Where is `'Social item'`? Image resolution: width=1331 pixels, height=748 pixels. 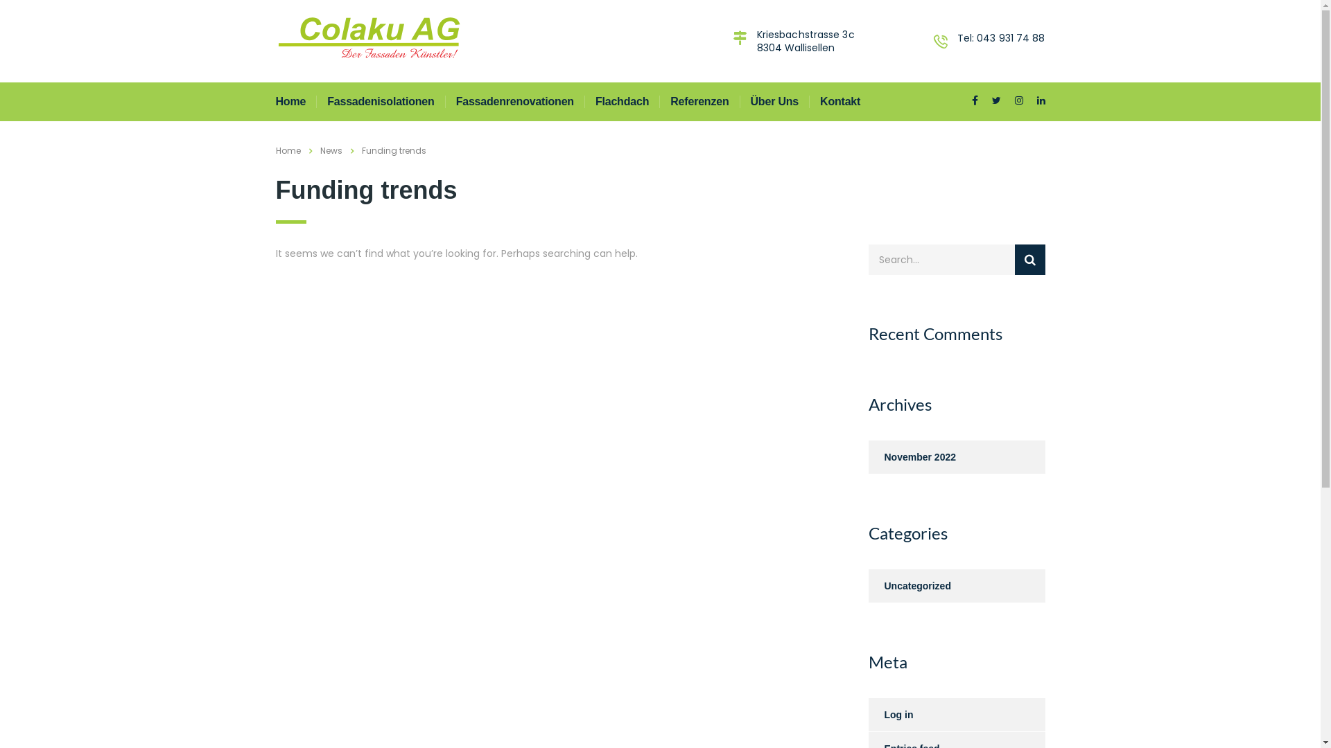 'Social item' is located at coordinates (1041, 100).